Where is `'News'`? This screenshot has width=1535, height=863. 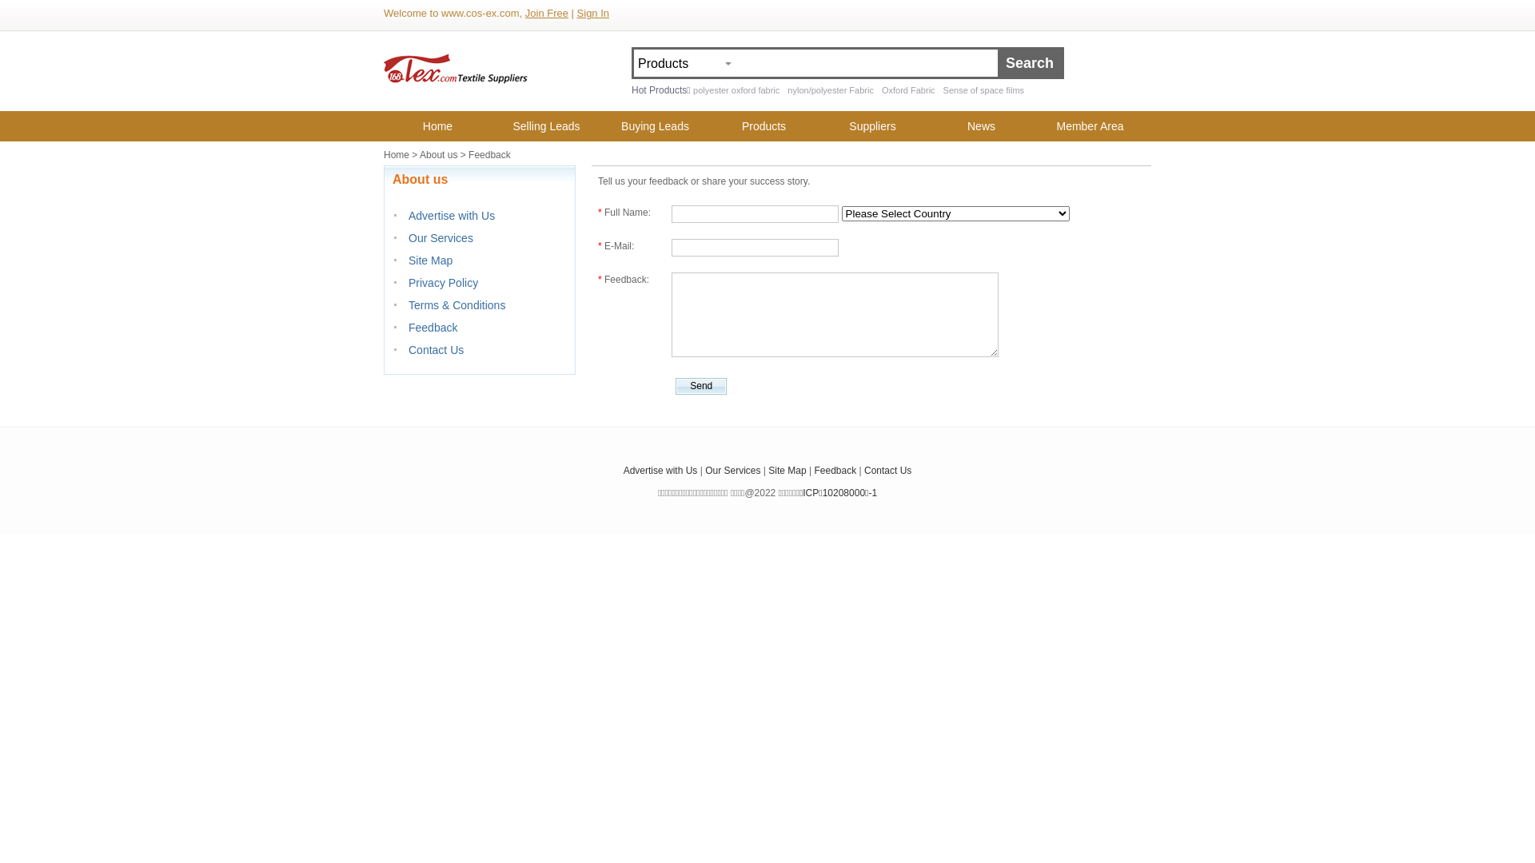
'News' is located at coordinates (980, 125).